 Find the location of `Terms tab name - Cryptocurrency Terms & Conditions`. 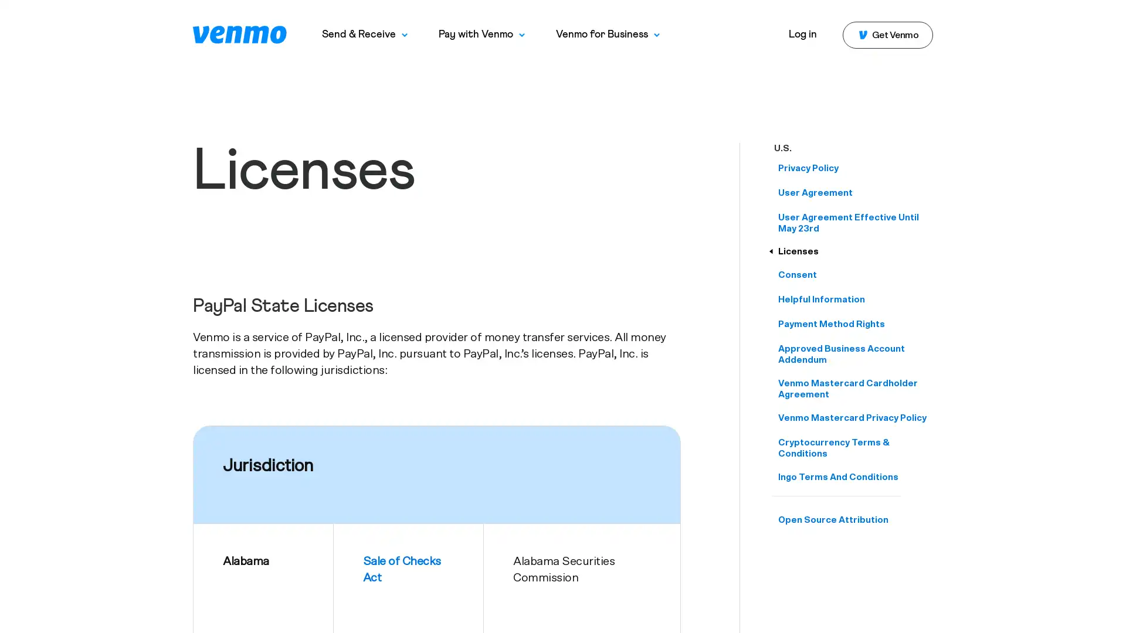

Terms tab name - Cryptocurrency Terms & Conditions is located at coordinates (855, 448).